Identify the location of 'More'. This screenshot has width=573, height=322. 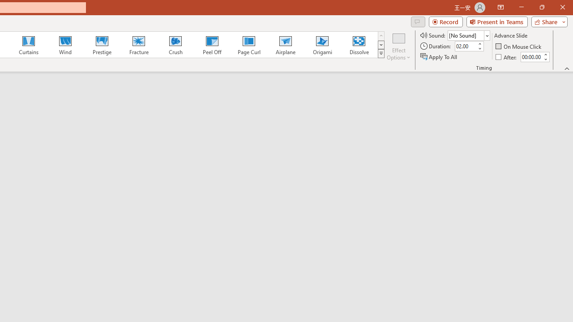
(545, 54).